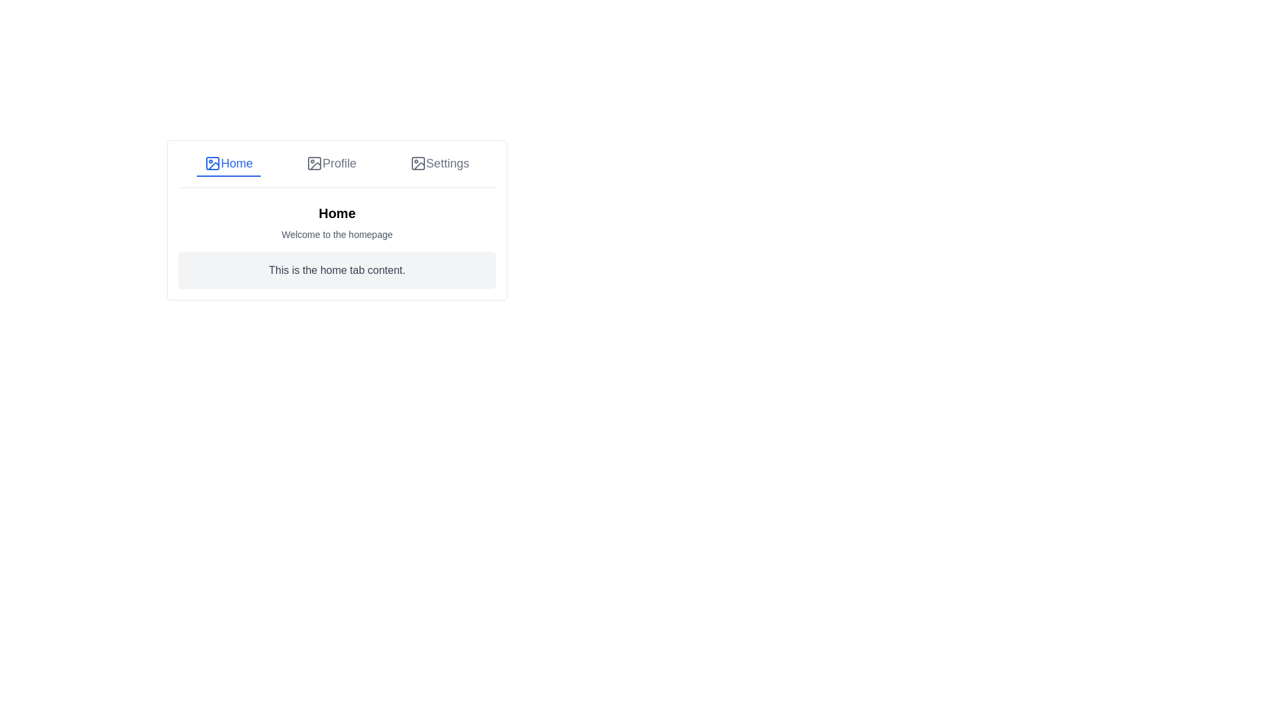 The height and width of the screenshot is (718, 1277). What do you see at coordinates (417, 163) in the screenshot?
I see `the image icon representing the 'Settings' menu item located to the left of the text label 'Settings' in the top navigation bar` at bounding box center [417, 163].